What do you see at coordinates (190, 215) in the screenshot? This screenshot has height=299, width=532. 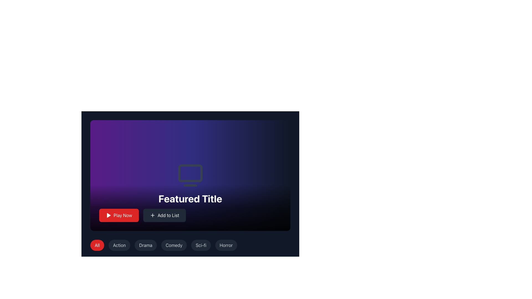 I see `the 'Add to List' button, which is the gray button located to the right of the red 'Play Now' button in the composite element below the 'Featured Title'` at bounding box center [190, 215].